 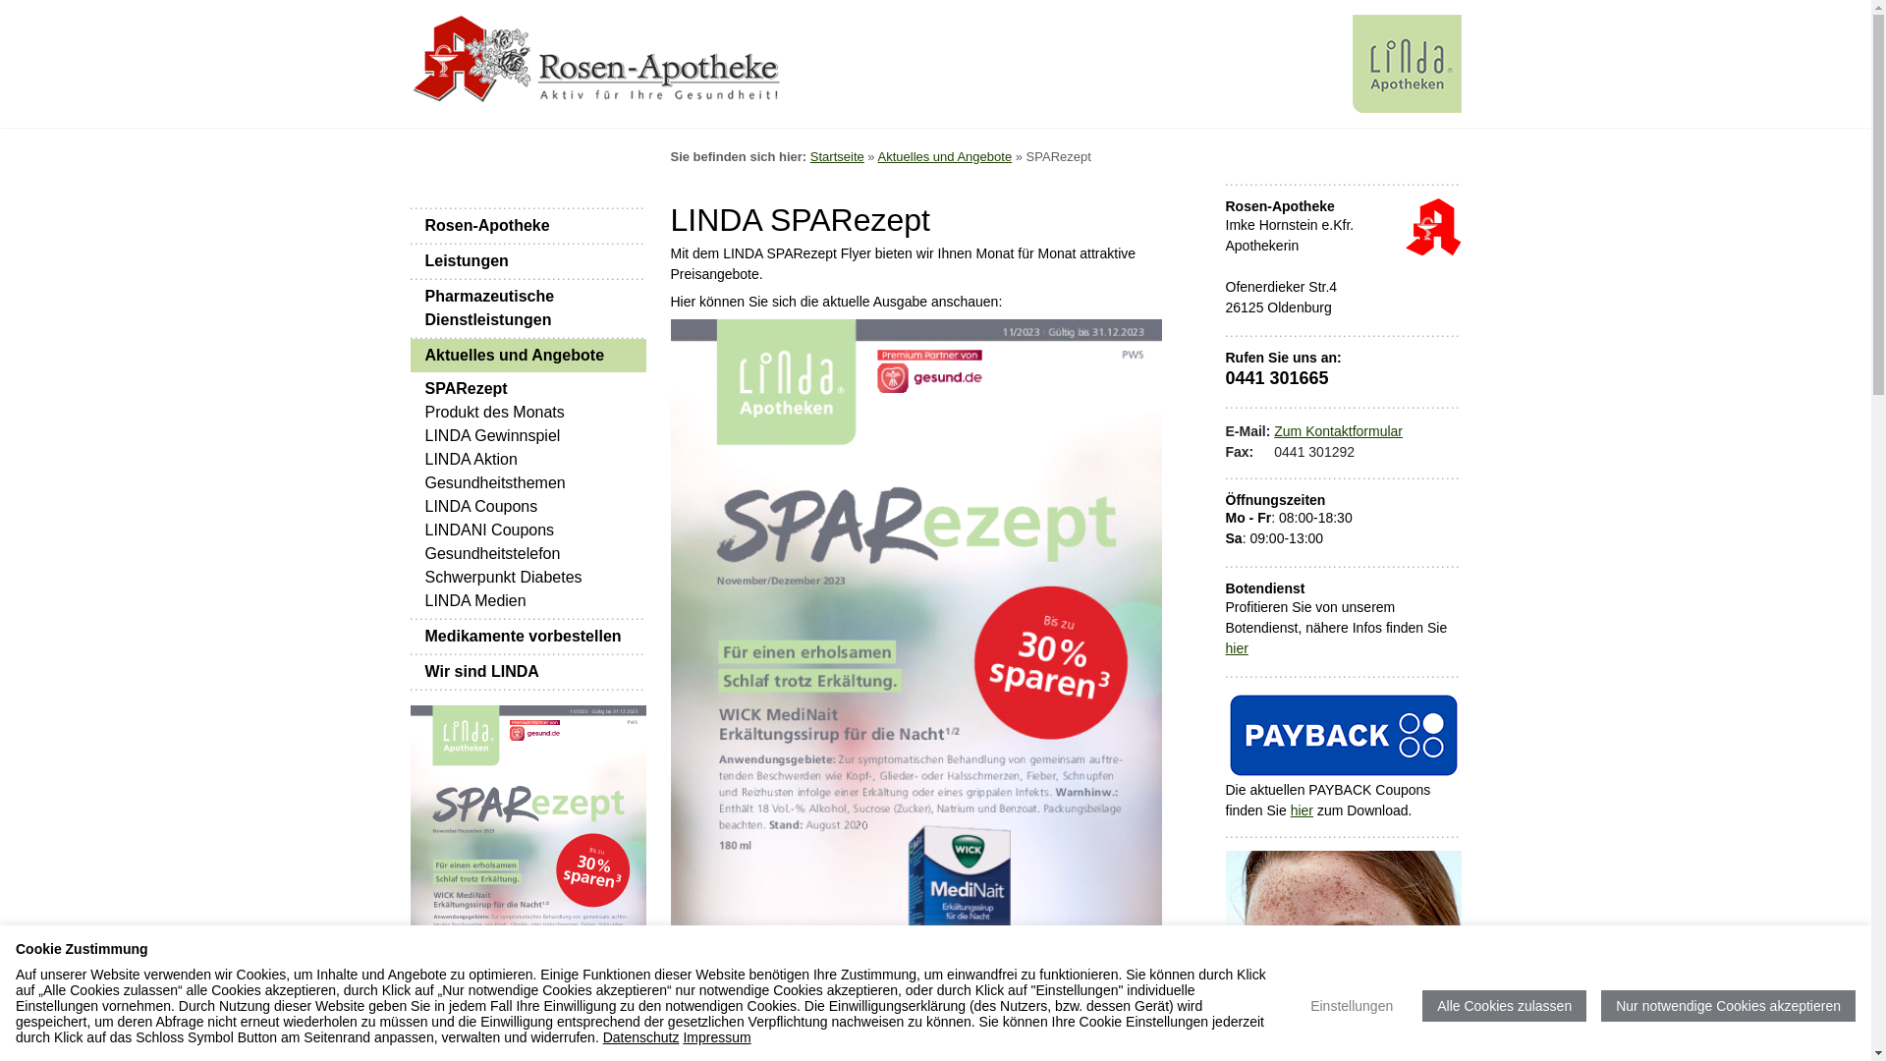 What do you see at coordinates (503, 576) in the screenshot?
I see `'Schwerpunkt Diabetes'` at bounding box center [503, 576].